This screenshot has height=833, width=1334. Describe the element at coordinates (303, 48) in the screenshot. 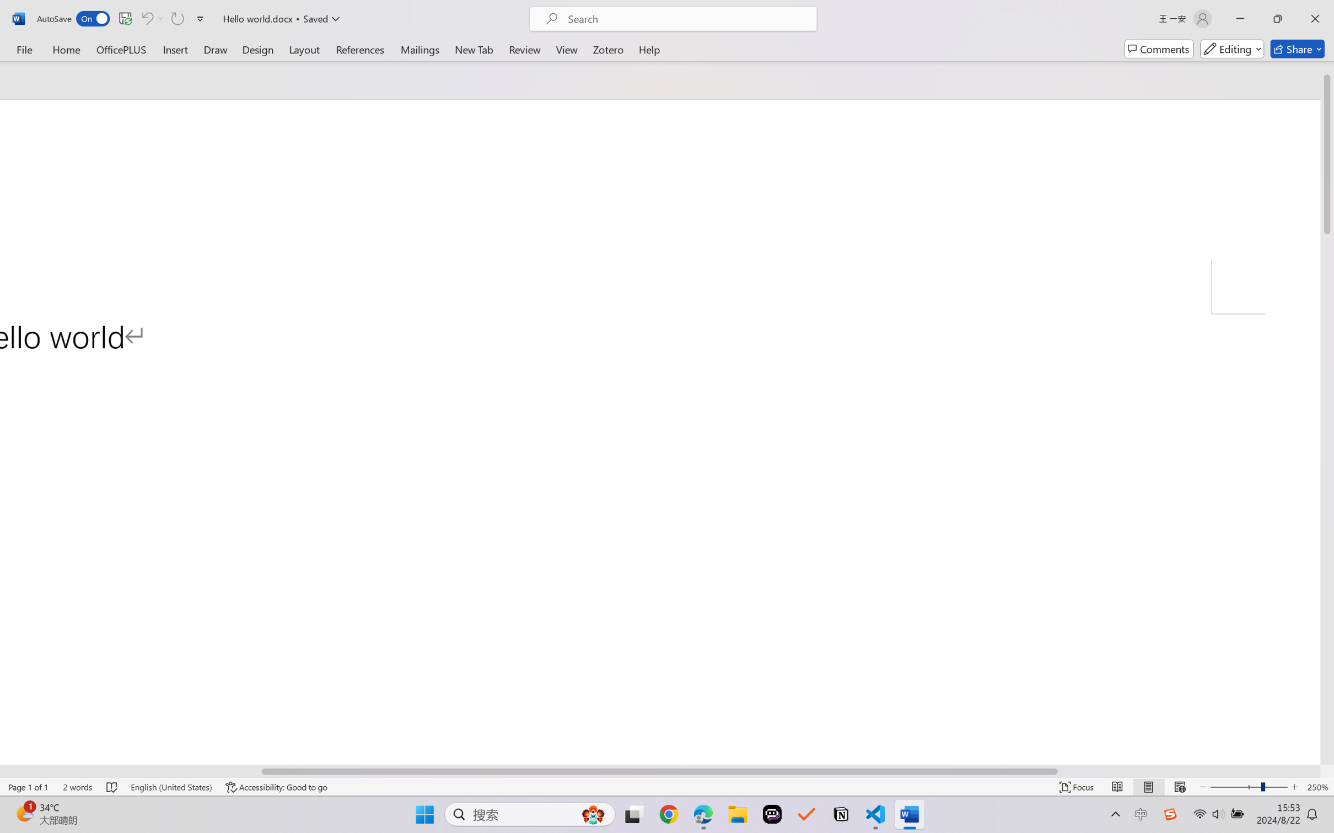

I see `'Layout'` at that location.